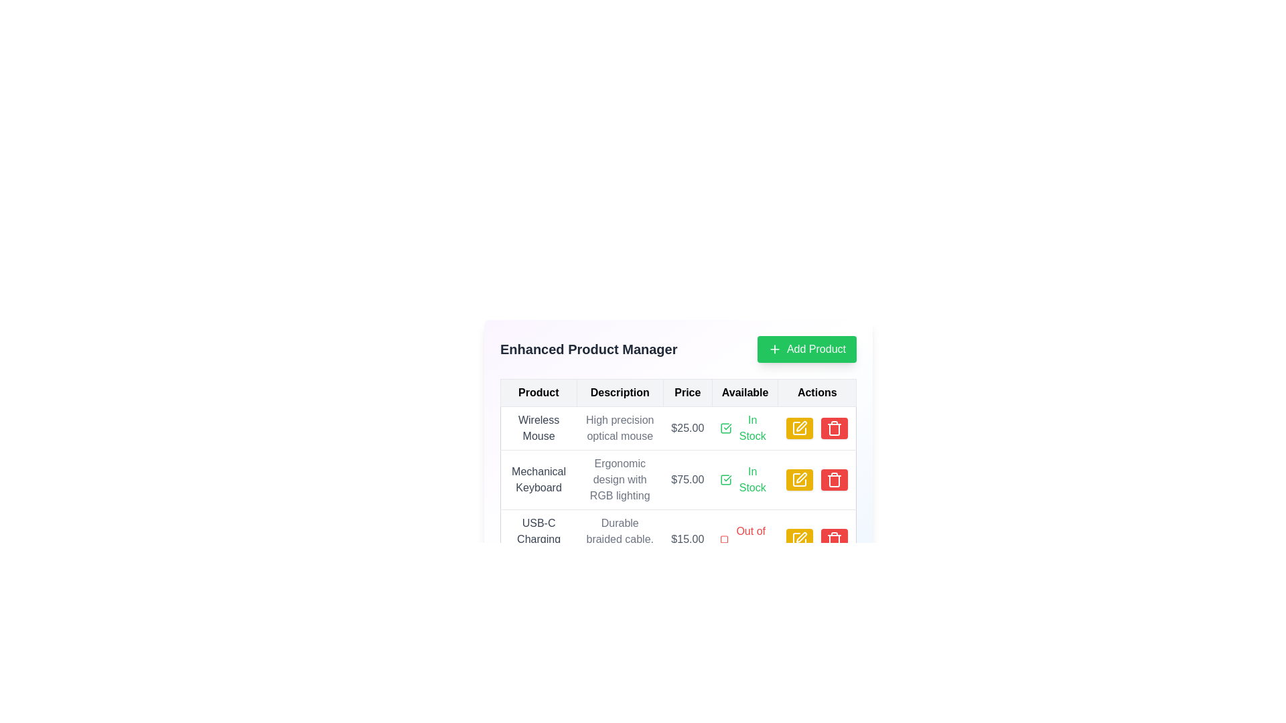  I want to click on the pencil icon button in the 'Actions' column of the second row, so click(801, 477).